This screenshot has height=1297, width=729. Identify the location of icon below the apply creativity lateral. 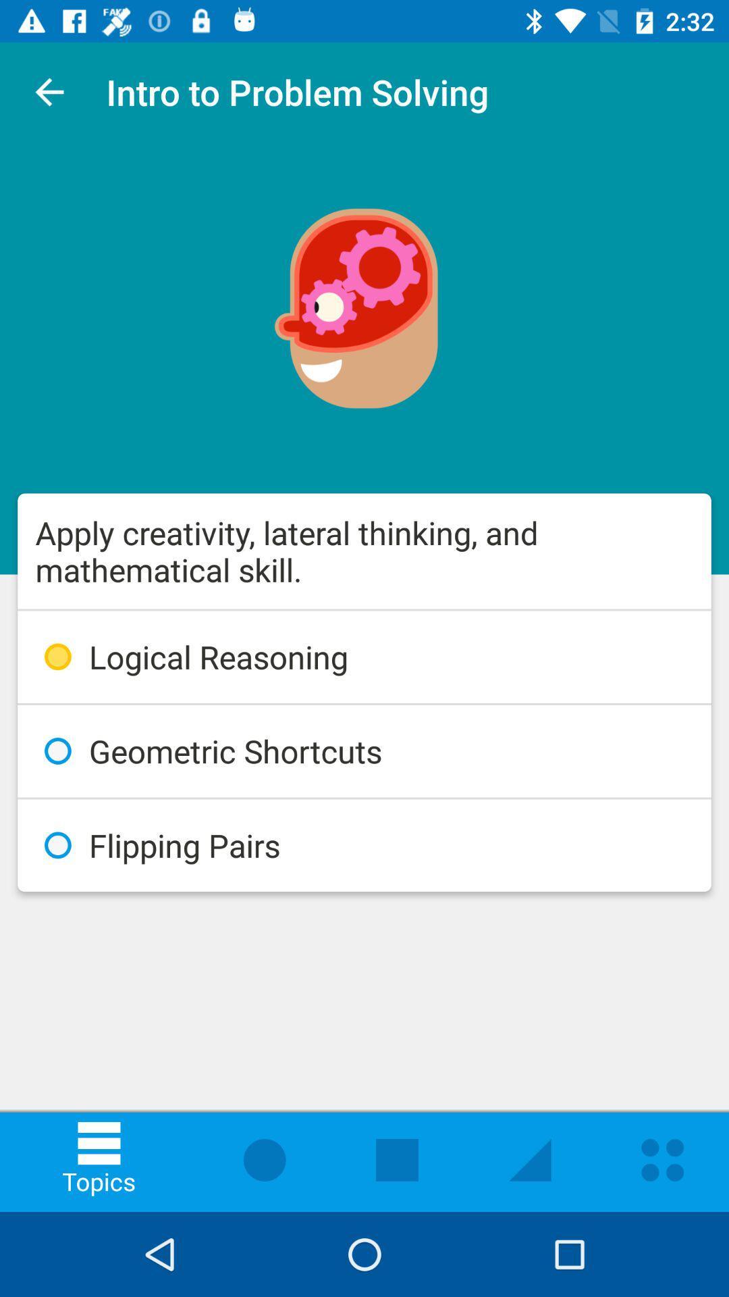
(364, 657).